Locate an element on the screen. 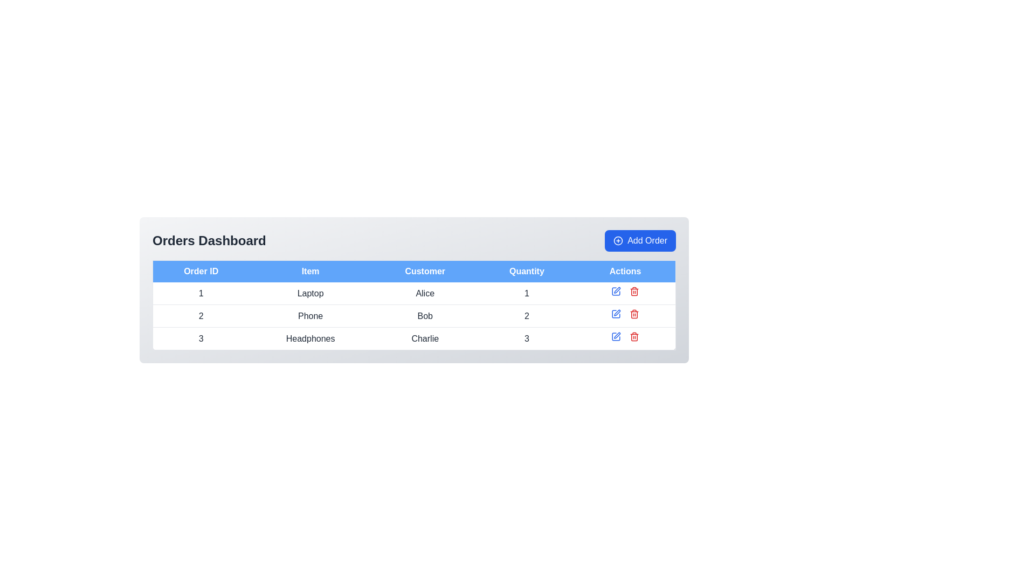  the header label for the order ID column, which is located in the upper-left section of the table header row, preceding the 'Item', 'Customer', 'Quantity', and 'Actions' headers is located at coordinates (201, 271).